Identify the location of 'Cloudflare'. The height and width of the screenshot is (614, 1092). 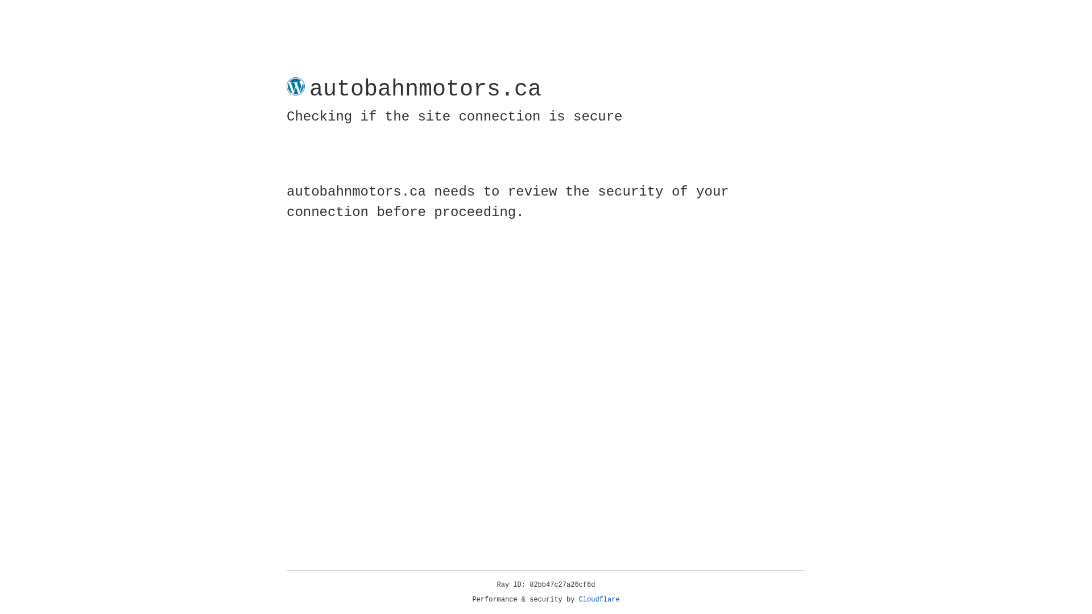
(578, 599).